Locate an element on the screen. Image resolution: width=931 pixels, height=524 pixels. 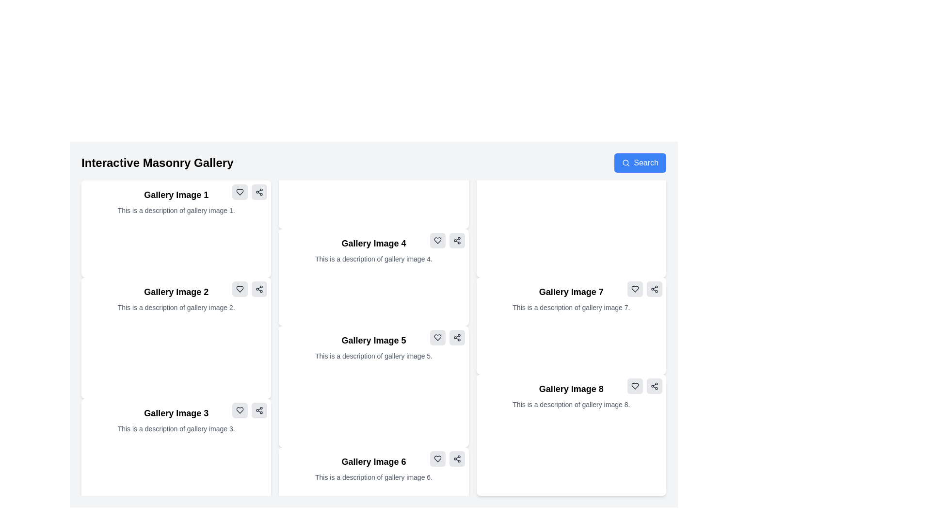
the gallery item card located in the bottom-right section of the layout, specifically the seventh card in the grid is located at coordinates (571, 326).